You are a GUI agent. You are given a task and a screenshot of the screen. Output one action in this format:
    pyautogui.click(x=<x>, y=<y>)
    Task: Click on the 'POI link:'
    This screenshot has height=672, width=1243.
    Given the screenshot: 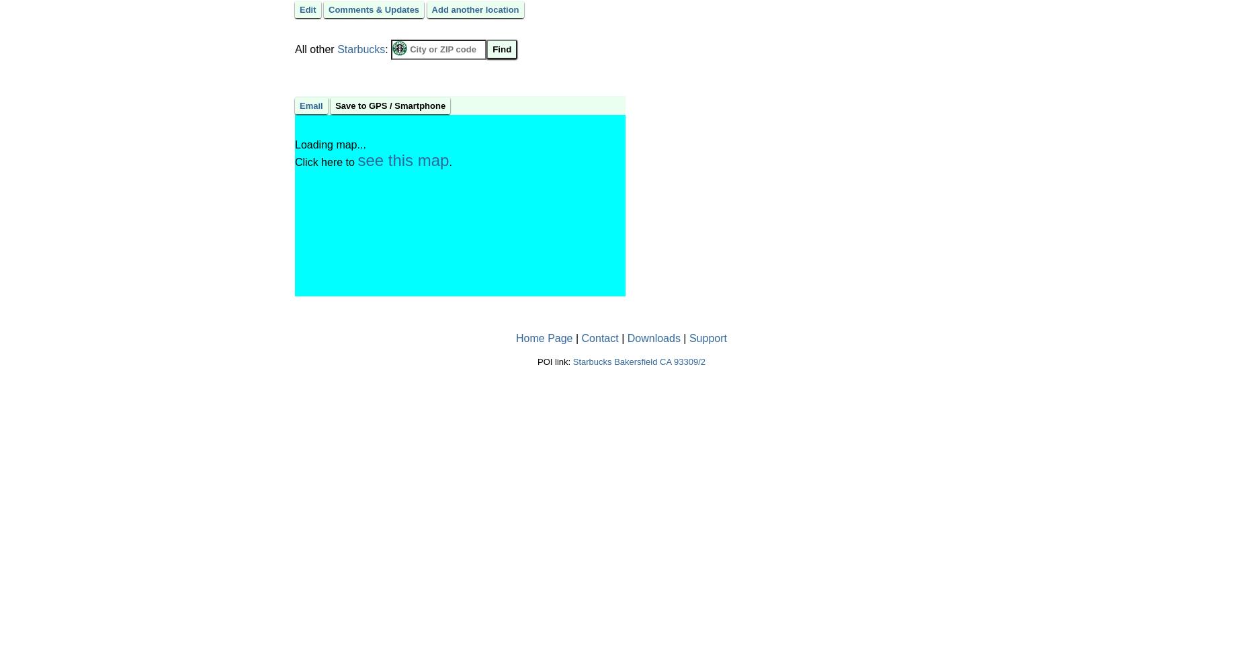 What is the action you would take?
    pyautogui.click(x=554, y=361)
    